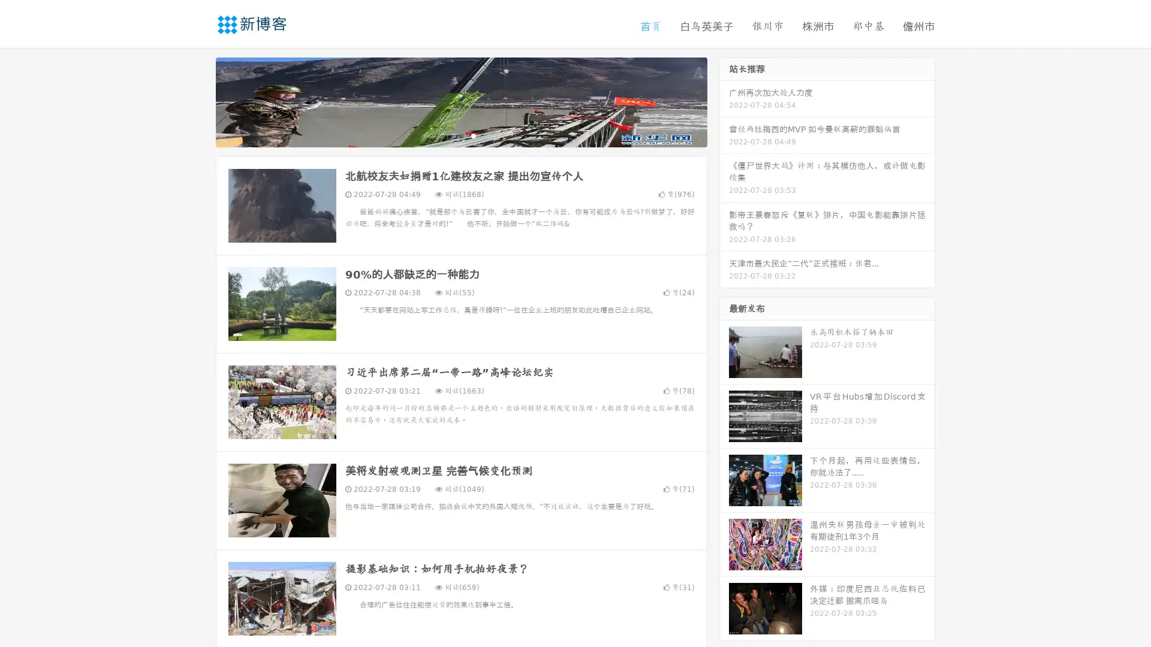 This screenshot has width=1151, height=647. I want to click on Go to slide 1, so click(448, 135).